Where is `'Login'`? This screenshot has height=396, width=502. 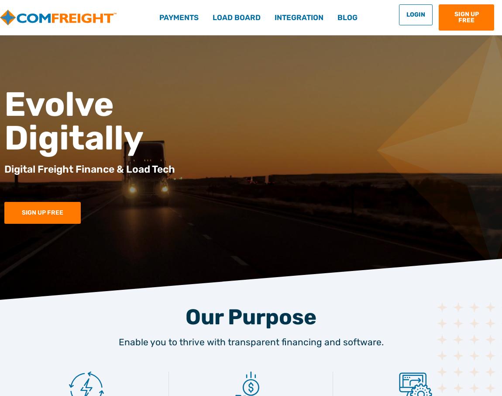 'Login' is located at coordinates (415, 14).